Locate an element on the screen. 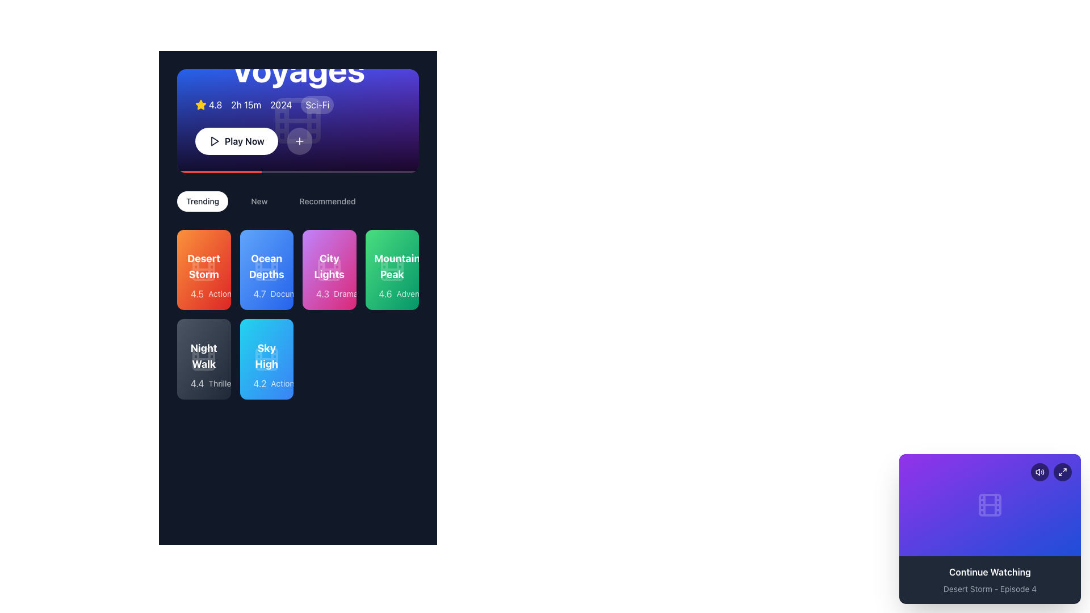  the Iconography component, which is a rectangular frame with rounded corners located in the bottom-right overlay card is located at coordinates (989, 505).